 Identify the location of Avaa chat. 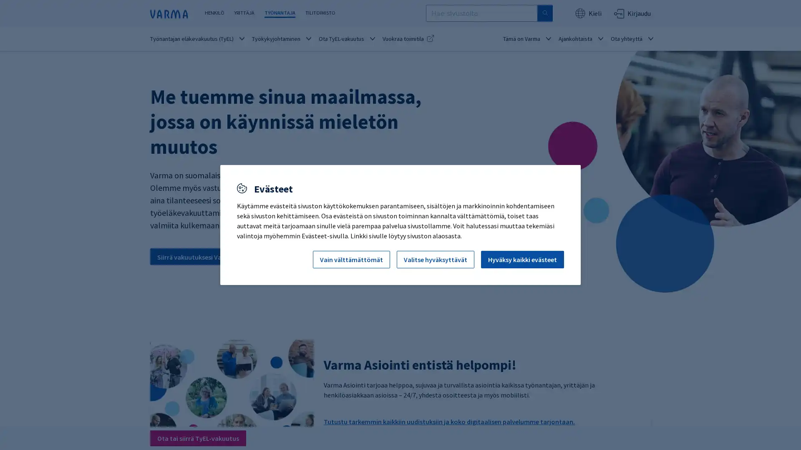
(784, 433).